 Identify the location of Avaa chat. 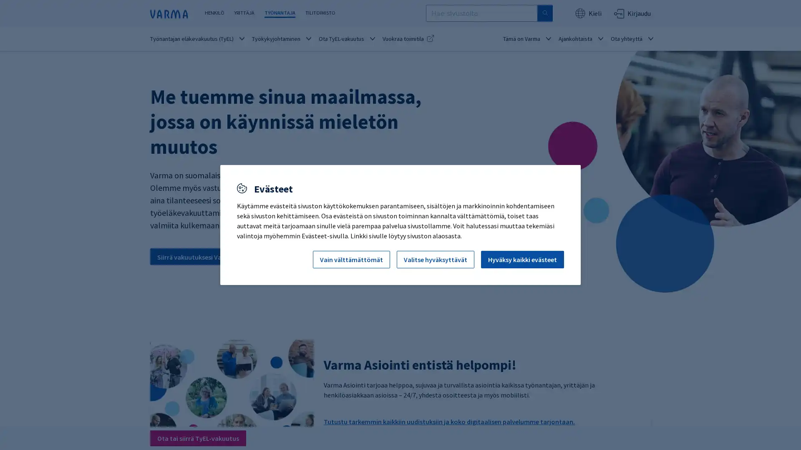
(784, 433).